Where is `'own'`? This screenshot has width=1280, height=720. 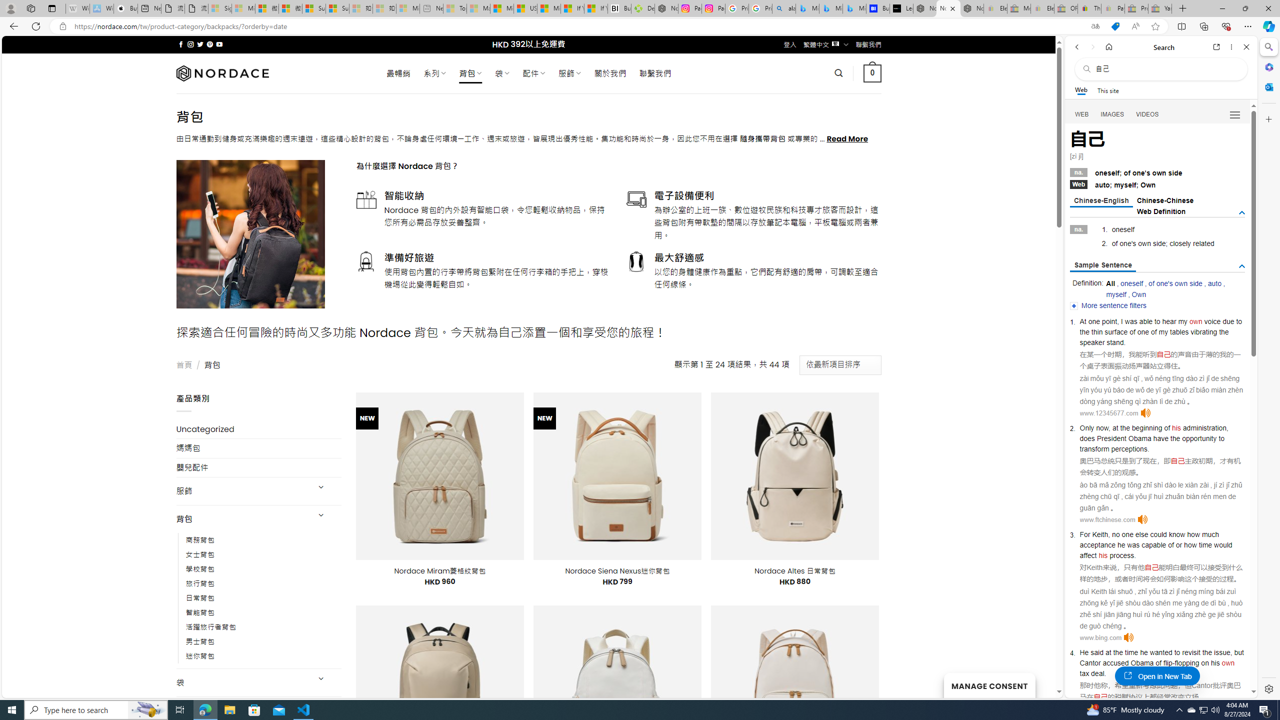
'own' is located at coordinates (1227, 662).